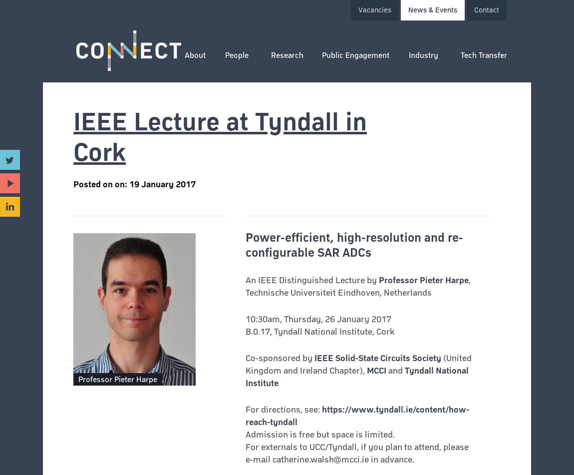  Describe the element at coordinates (353, 244) in the screenshot. I see `'Power-efficient, high-resolution and re-configurable SAR ADCs'` at that location.